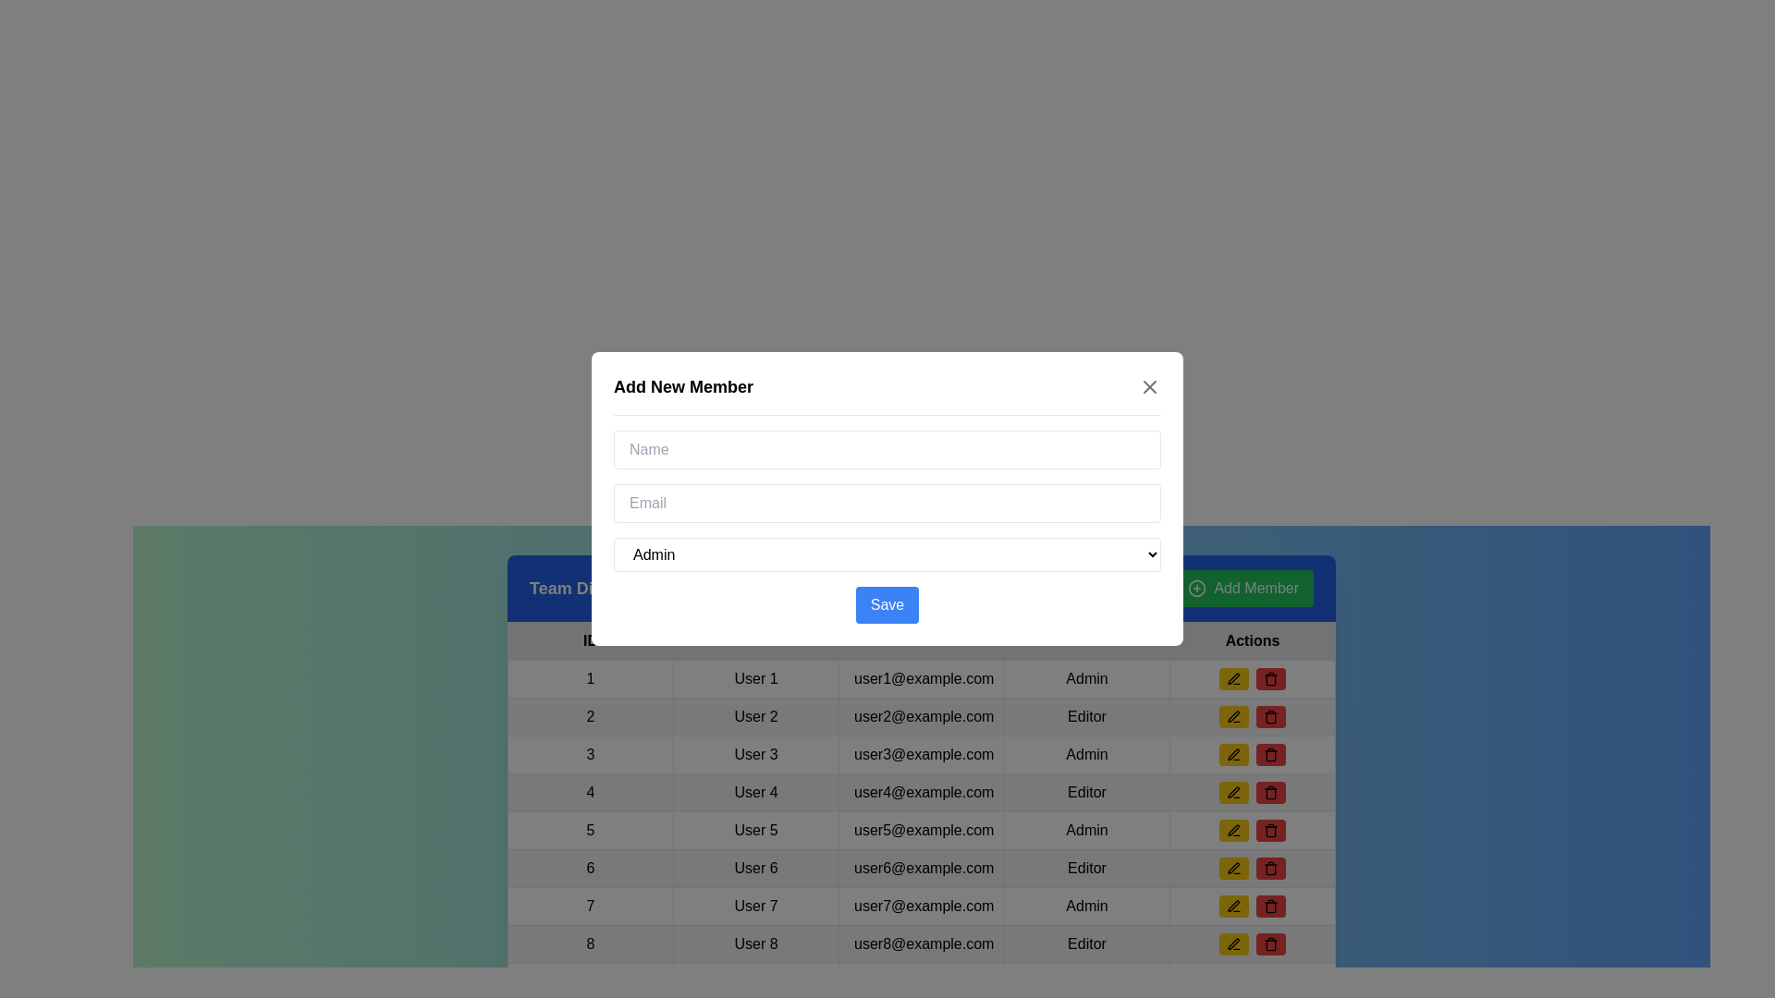  I want to click on the Trash Bin Icon located in the Actions column of the data table, so click(1269, 869).